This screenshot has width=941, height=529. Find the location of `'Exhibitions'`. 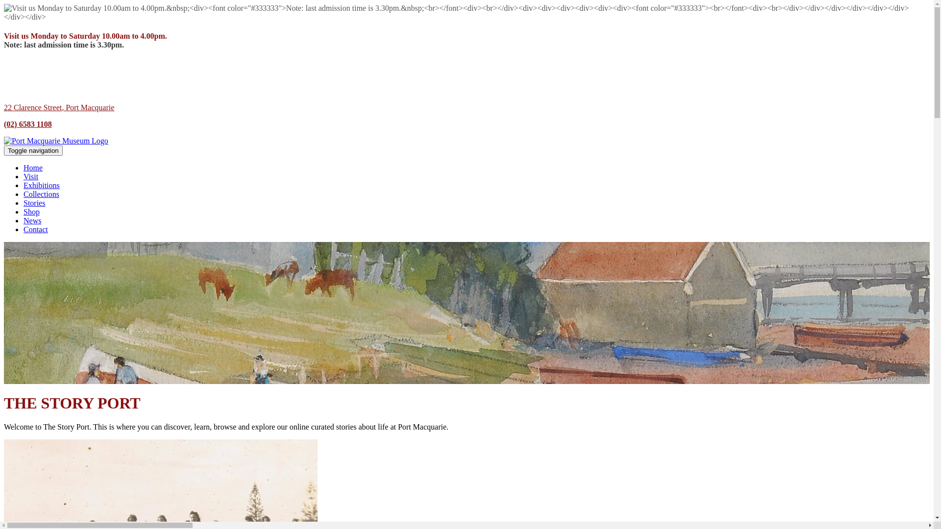

'Exhibitions' is located at coordinates (41, 185).